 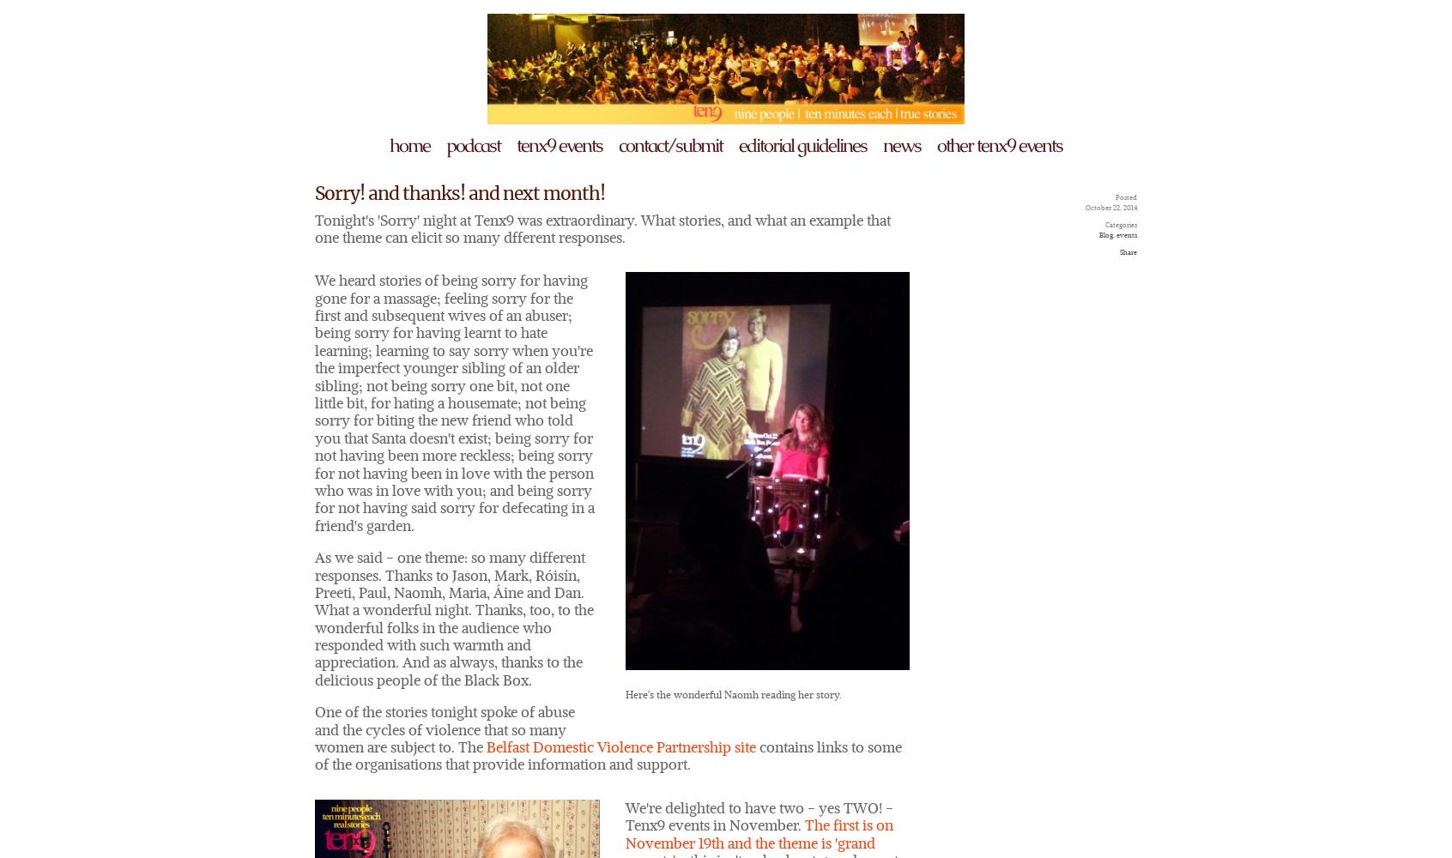 I want to click on 'contains links to some of the organisations that provide information and support.', so click(x=314, y=755).